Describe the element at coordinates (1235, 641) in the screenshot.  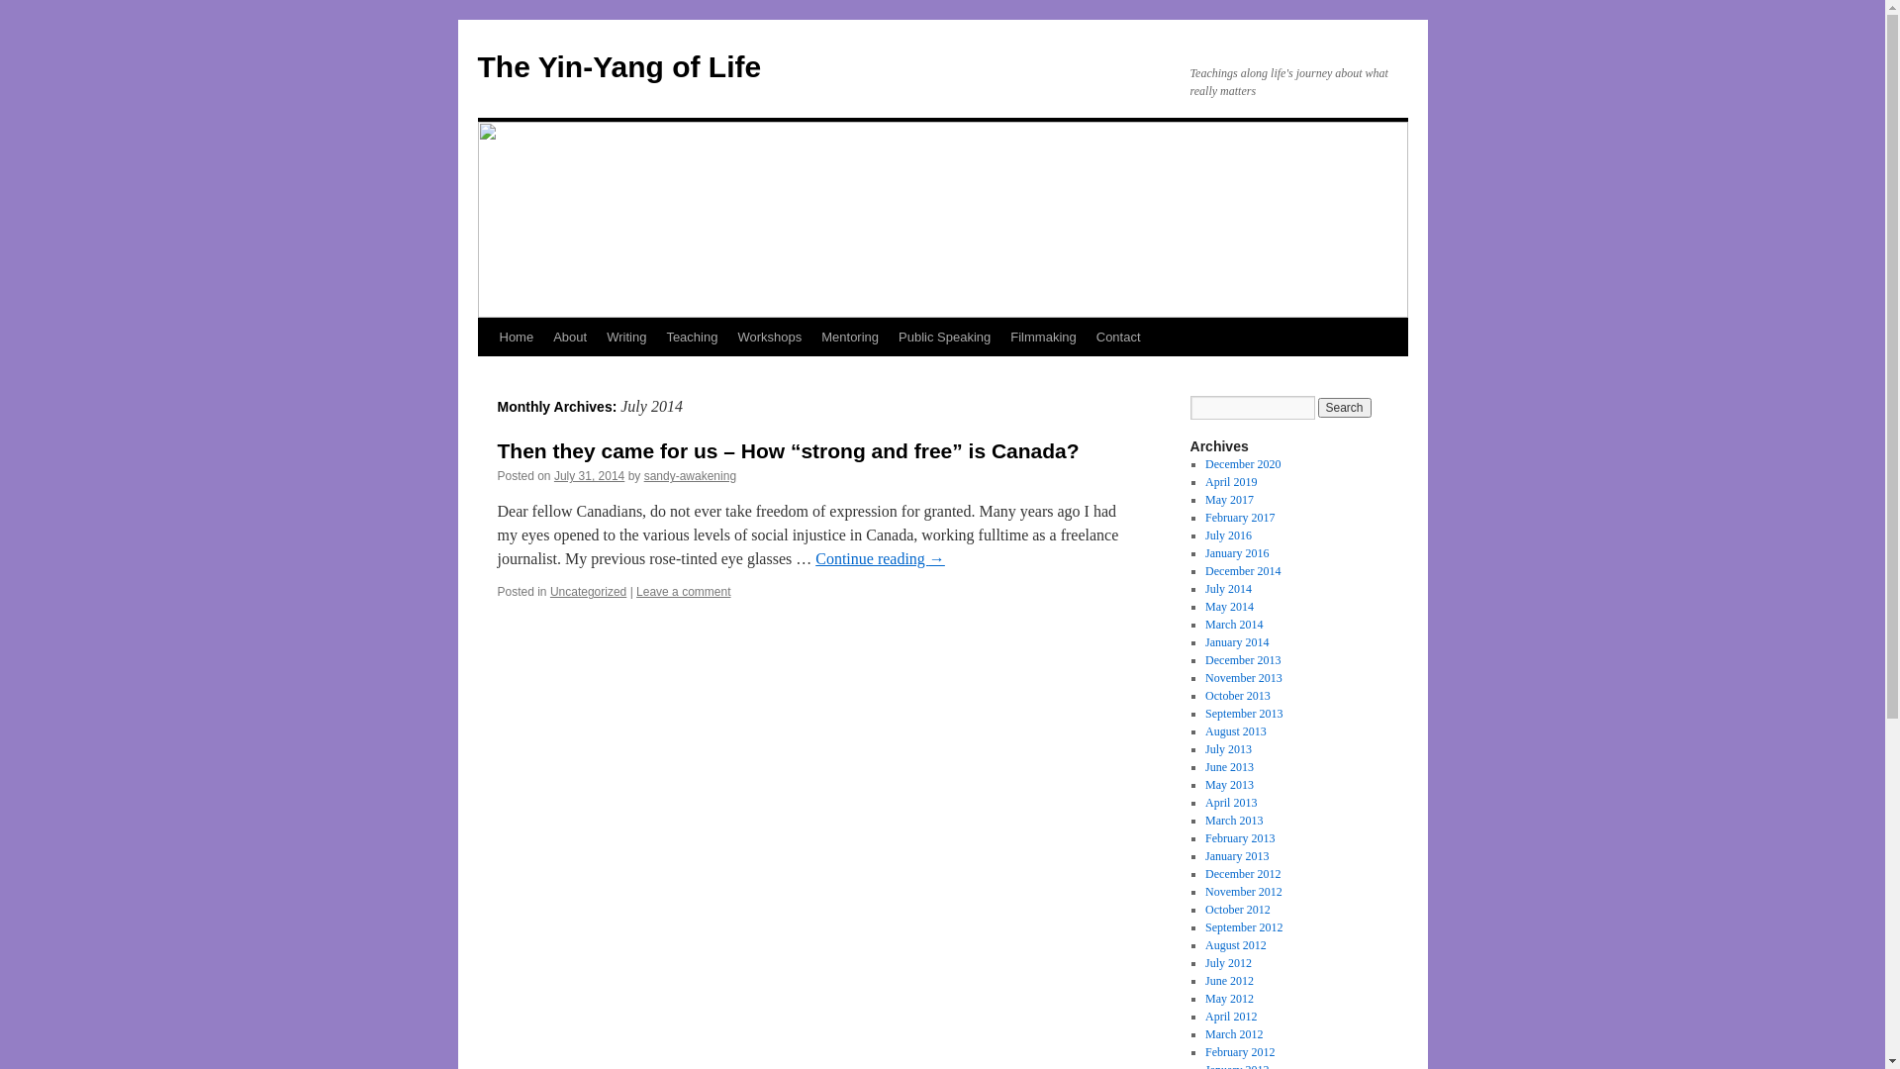
I see `'January 2014'` at that location.